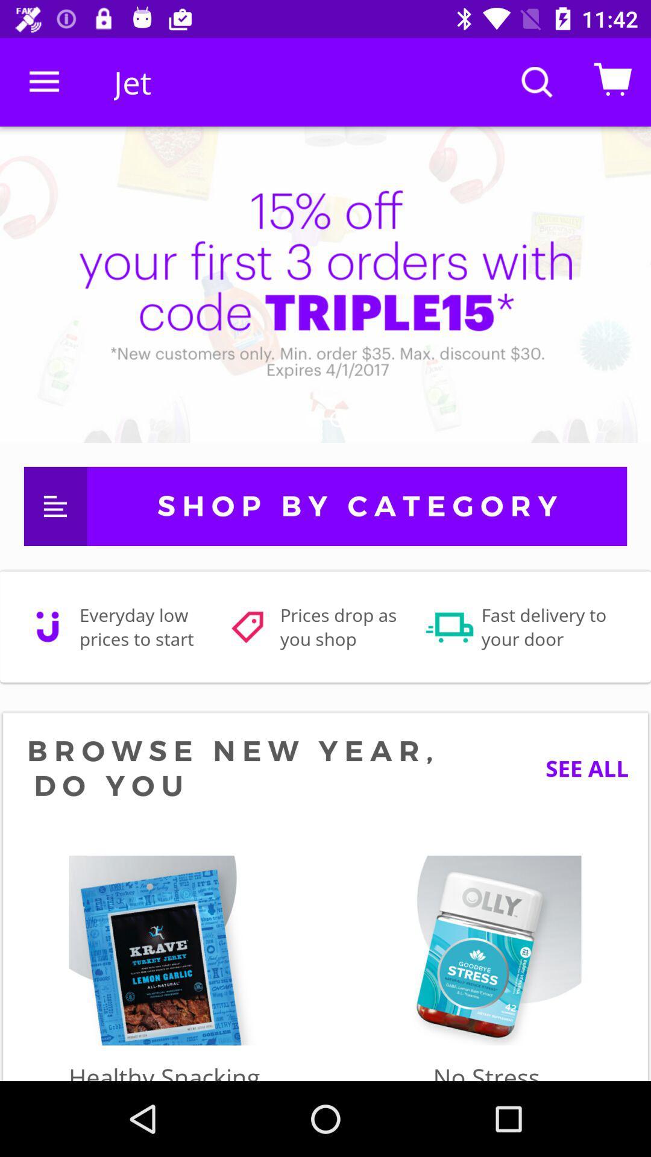  I want to click on the see all item, so click(577, 768).